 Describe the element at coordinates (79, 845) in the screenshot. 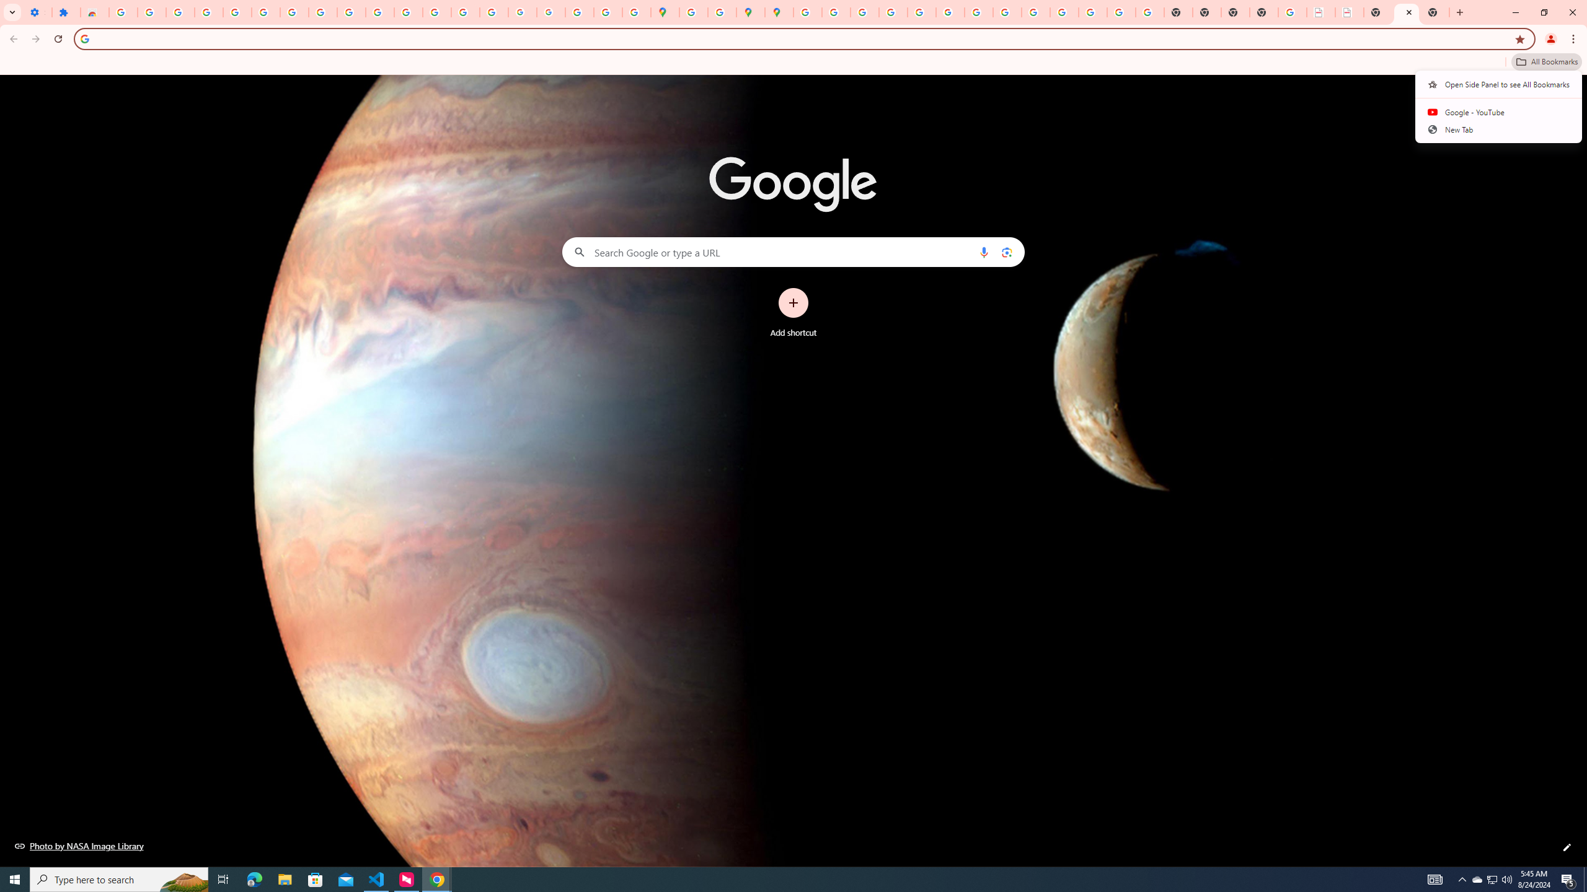

I see `'Photo by NASA Image Library'` at that location.